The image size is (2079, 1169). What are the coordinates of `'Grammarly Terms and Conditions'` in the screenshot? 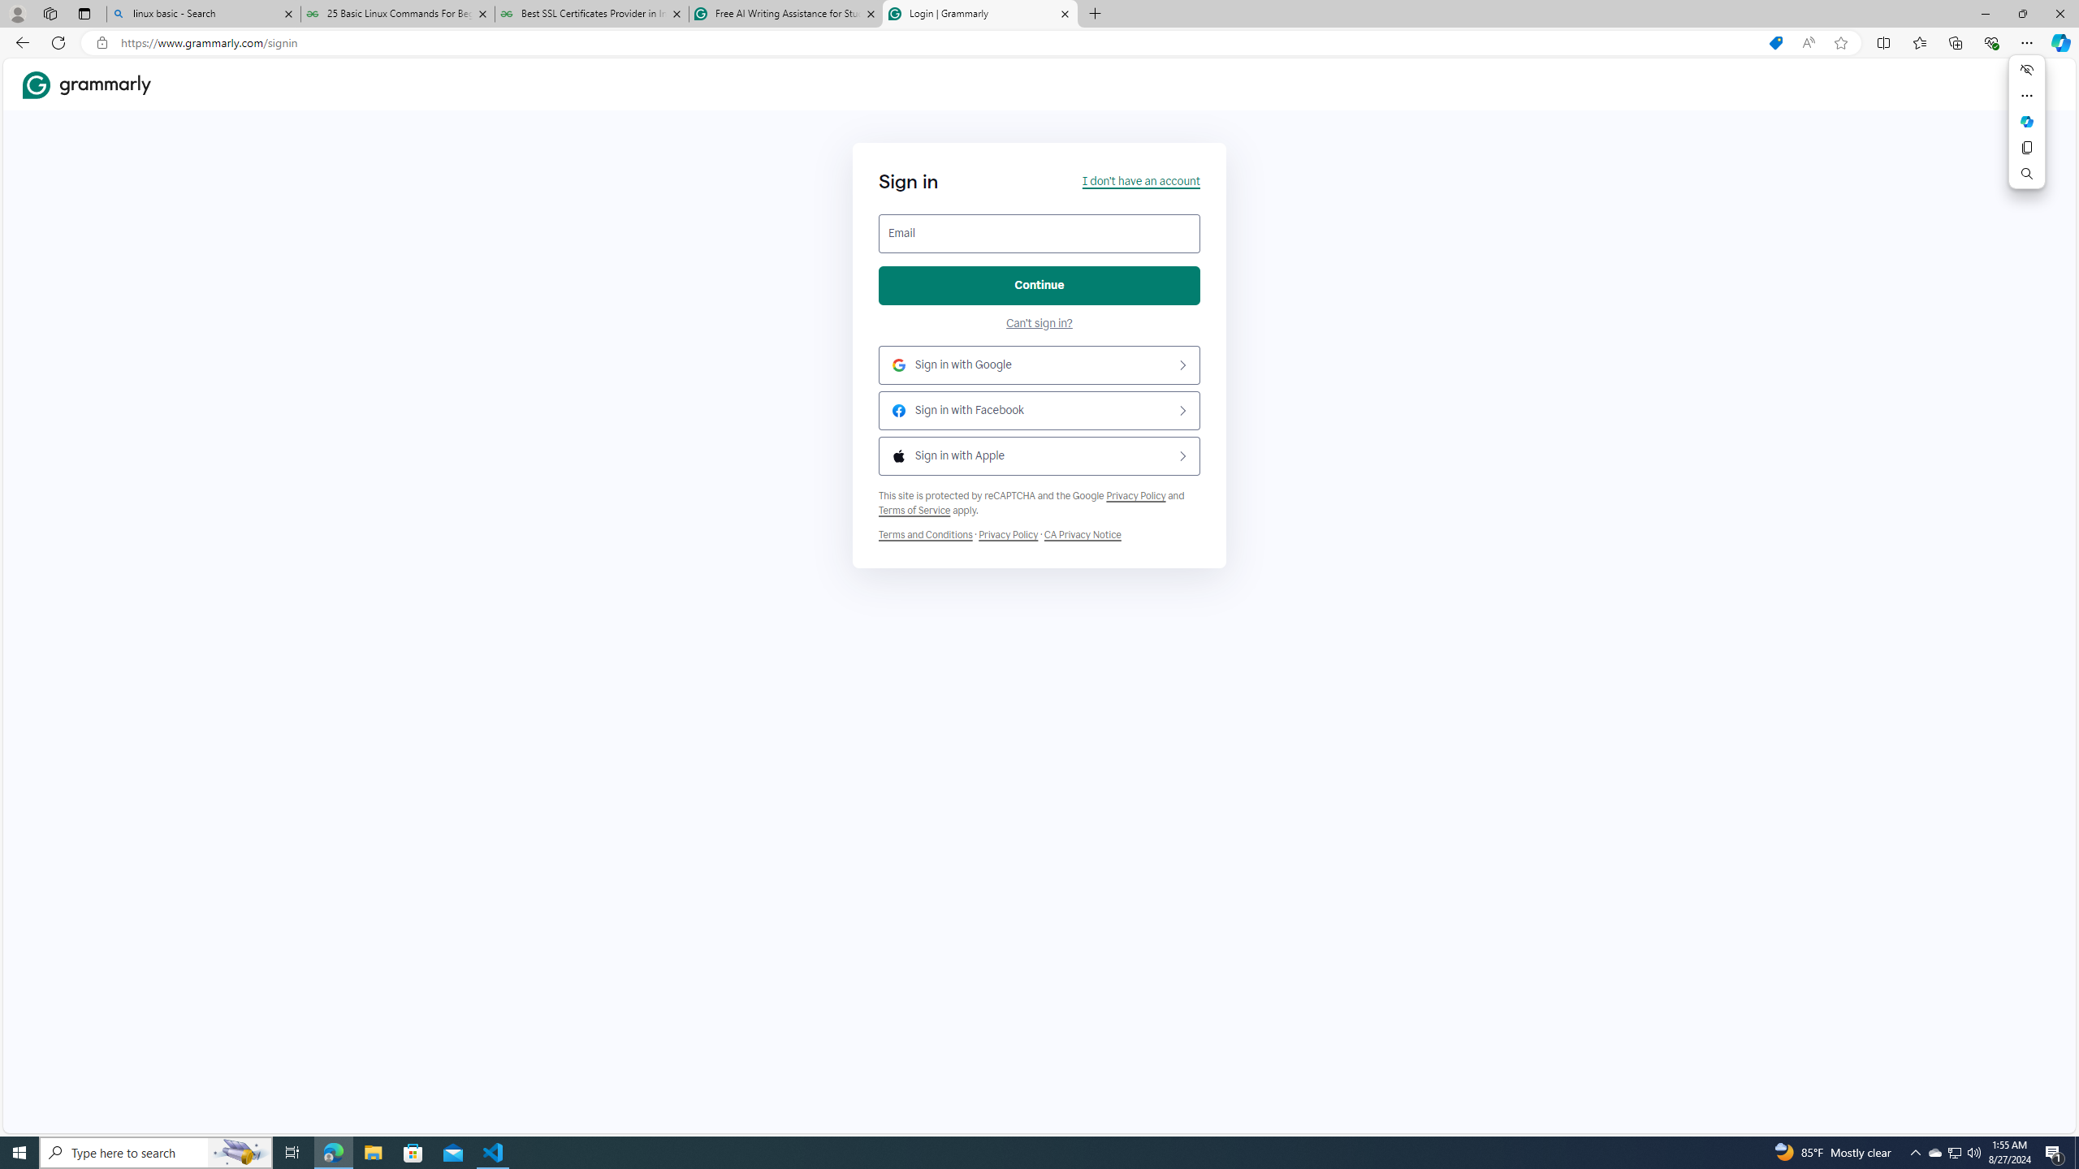 It's located at (926, 534).